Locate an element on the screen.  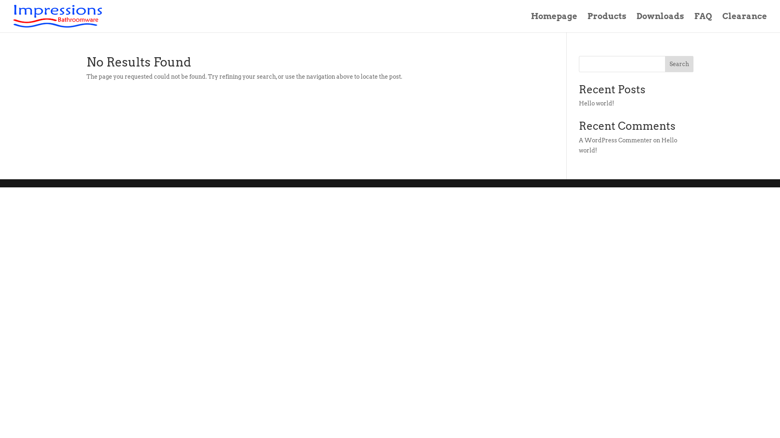
'FAQ' is located at coordinates (703, 22).